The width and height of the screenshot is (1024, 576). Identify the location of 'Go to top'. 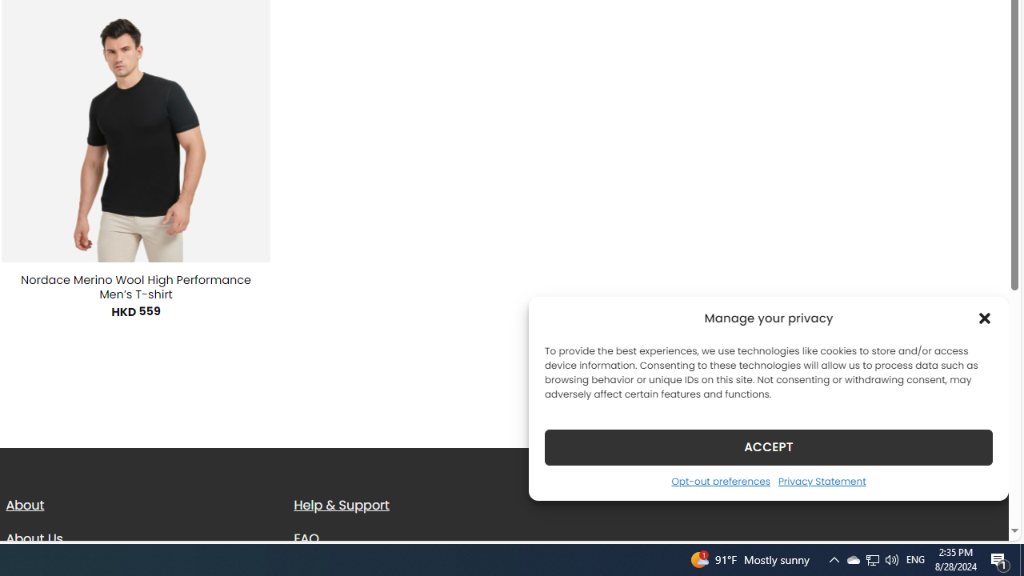
(975, 518).